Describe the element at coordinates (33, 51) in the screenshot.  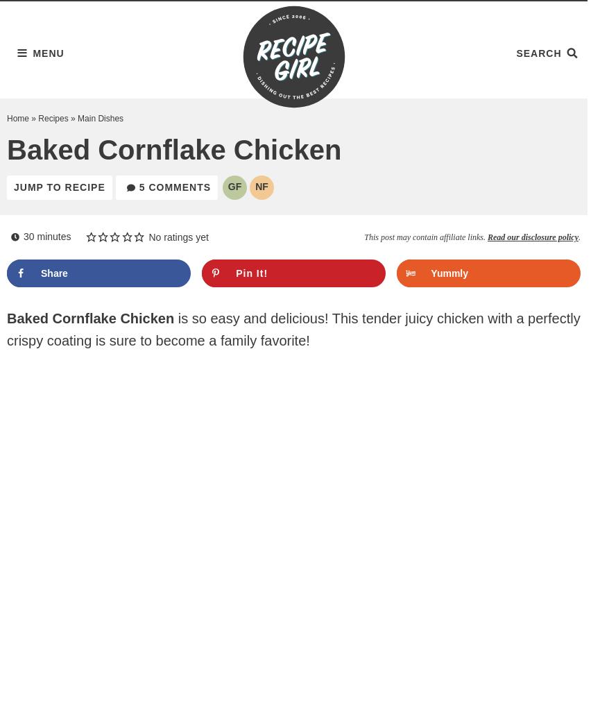
I see `'Menu'` at that location.